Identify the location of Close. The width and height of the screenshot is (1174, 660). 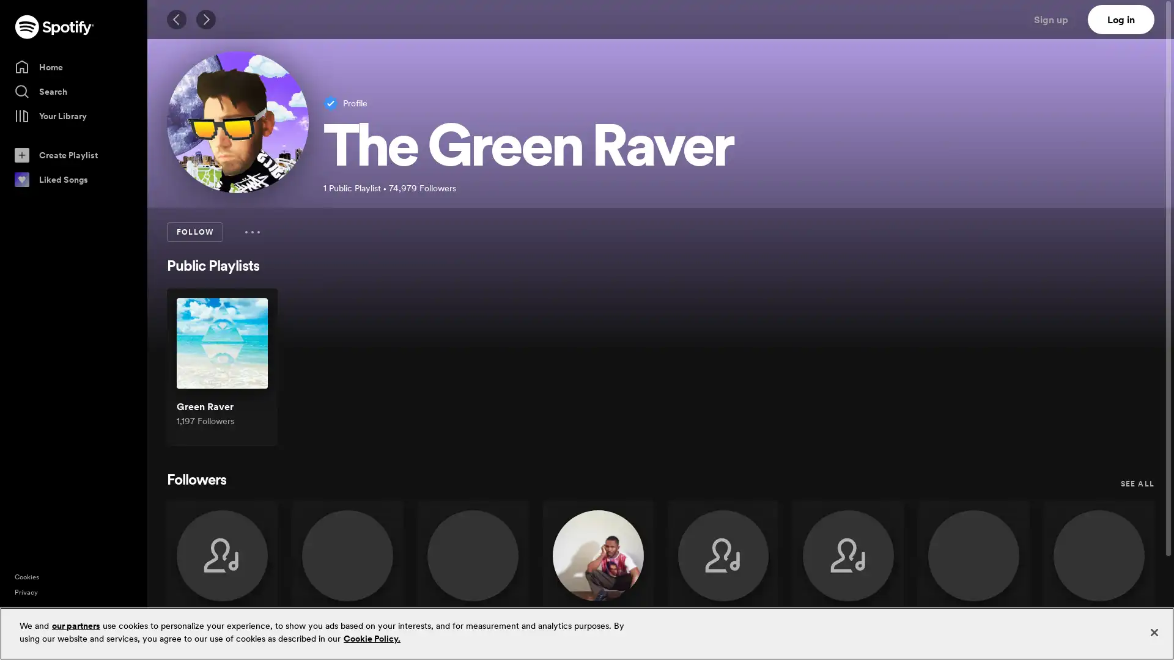
(1153, 632).